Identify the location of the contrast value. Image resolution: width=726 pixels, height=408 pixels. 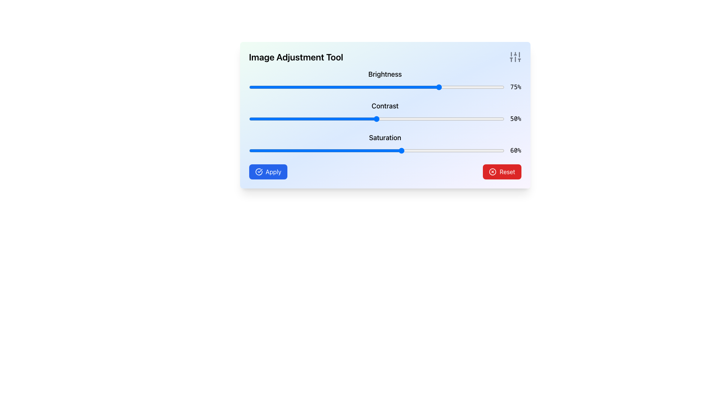
(430, 119).